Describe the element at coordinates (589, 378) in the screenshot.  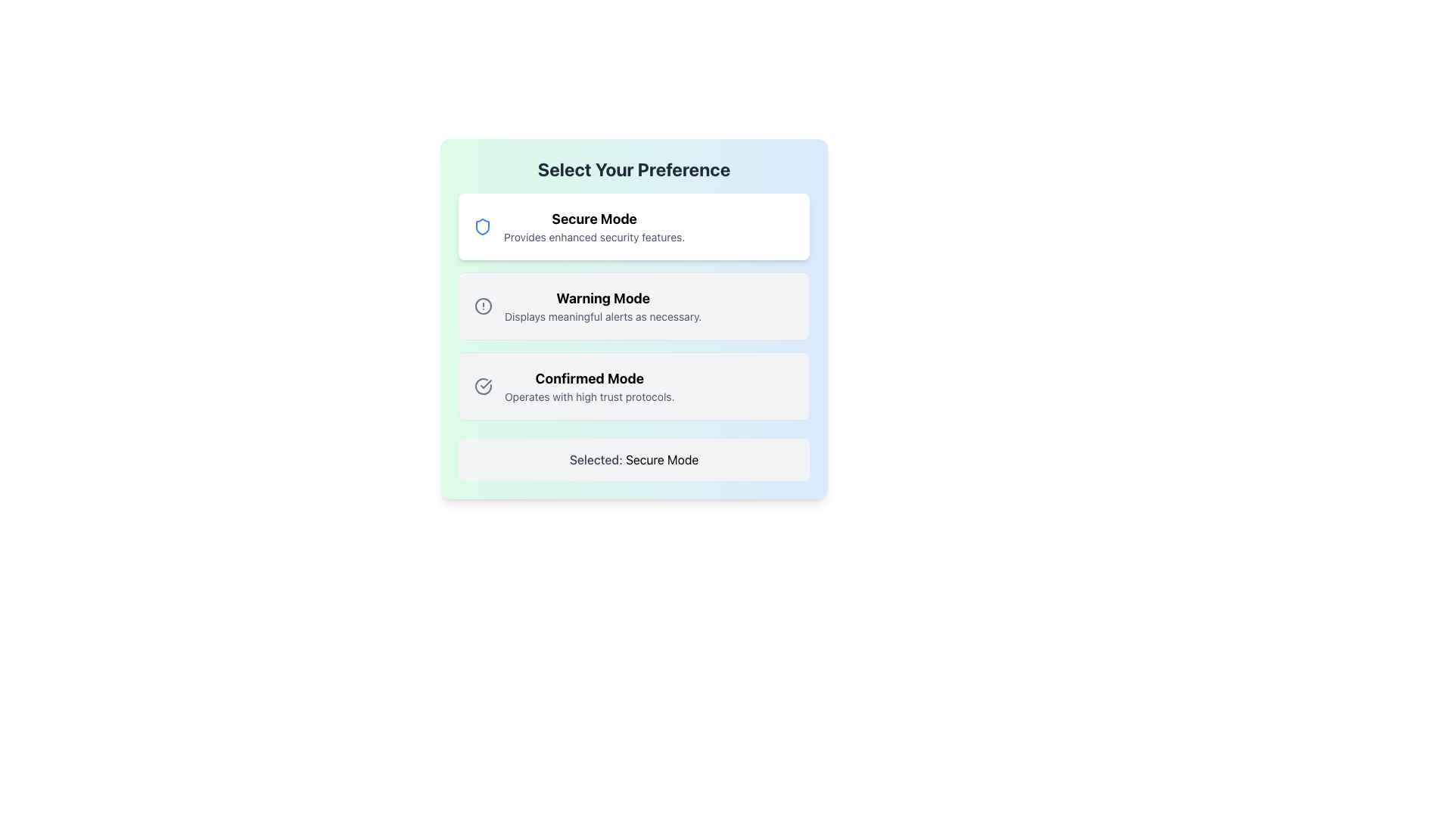
I see `the 'Confirmed Mode' text display element, which reads in bold and large font, indicating its distinct emphasis within the preference selection area` at that location.